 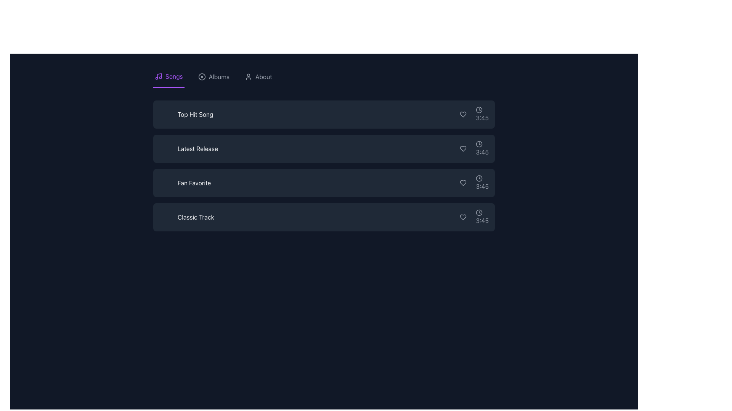 I want to click on the third instance of a duration display that is positioned to the far right in a horizontal arrangement within a list row, aligned with a clock icon to its left, so click(x=482, y=183).